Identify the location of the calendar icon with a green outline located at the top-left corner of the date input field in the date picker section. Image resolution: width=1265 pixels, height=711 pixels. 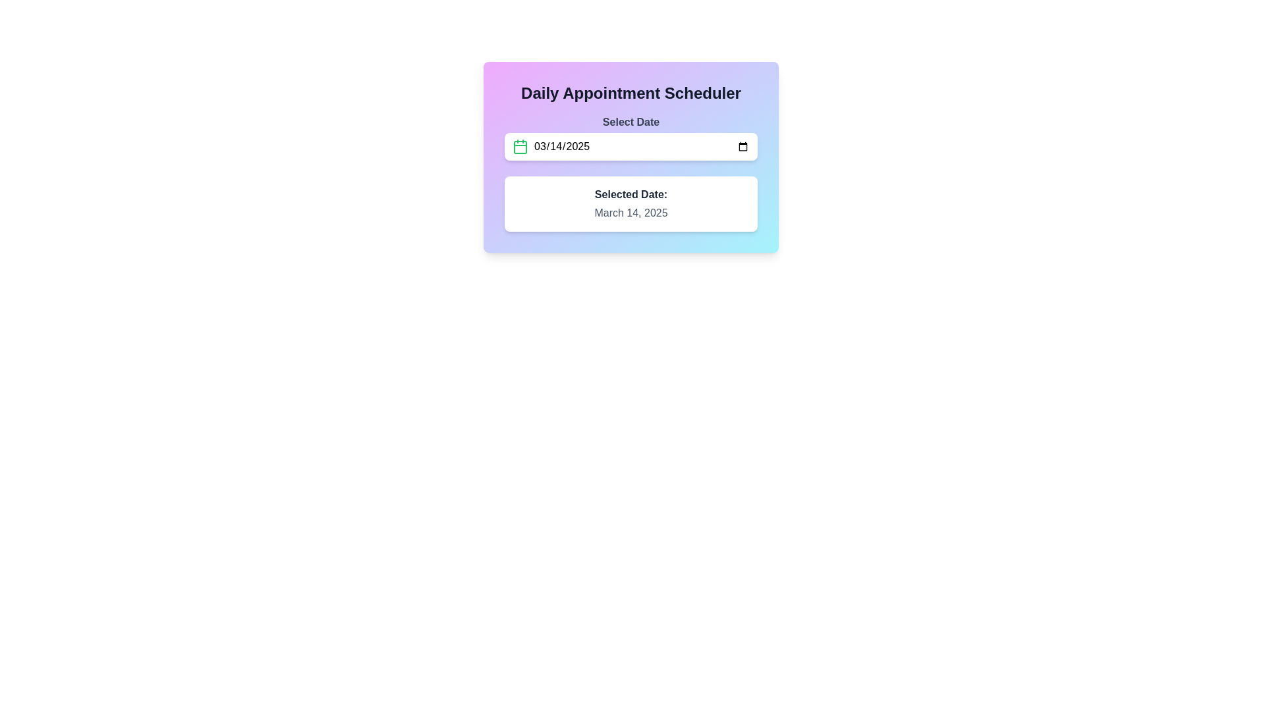
(520, 147).